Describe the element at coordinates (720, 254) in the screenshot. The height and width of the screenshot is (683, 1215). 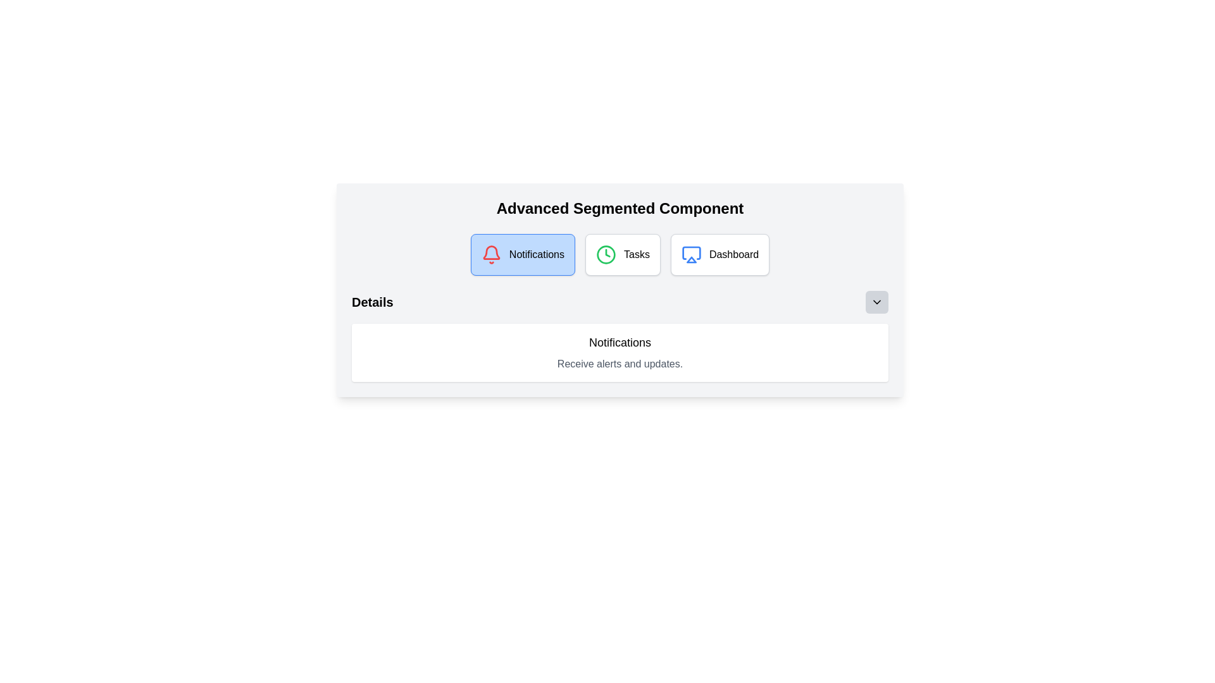
I see `the 'Dashboard' button with a white background, gray border, and blue display icon` at that location.